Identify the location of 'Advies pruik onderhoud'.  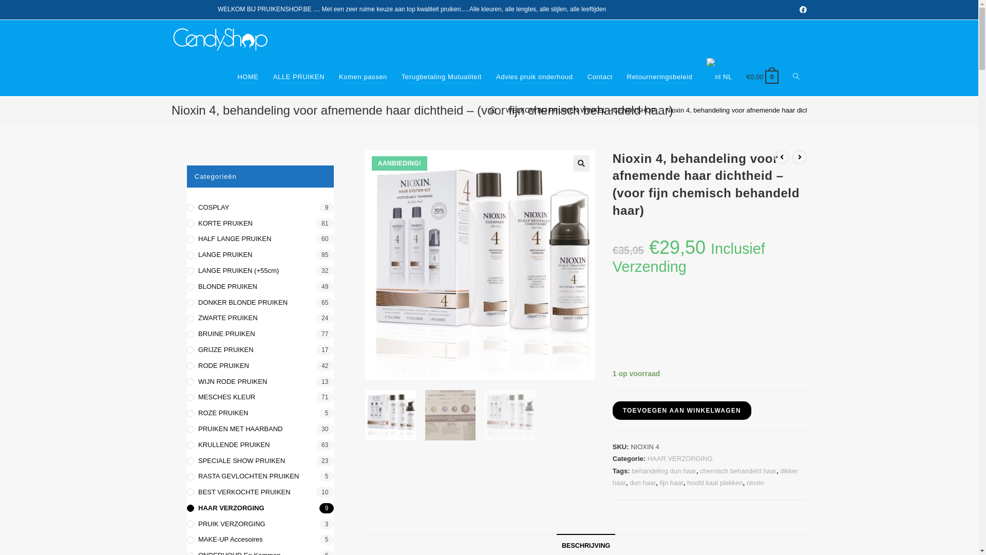
(534, 77).